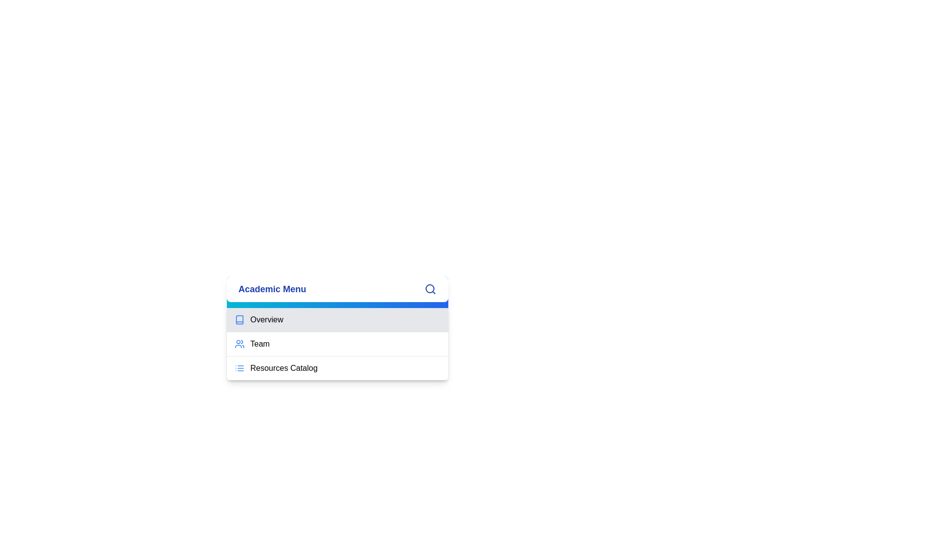 This screenshot has height=534, width=949. What do you see at coordinates (239, 343) in the screenshot?
I see `the blue-colored icon depicting multiple users located to the left of the text 'Team' in the menu interface` at bounding box center [239, 343].